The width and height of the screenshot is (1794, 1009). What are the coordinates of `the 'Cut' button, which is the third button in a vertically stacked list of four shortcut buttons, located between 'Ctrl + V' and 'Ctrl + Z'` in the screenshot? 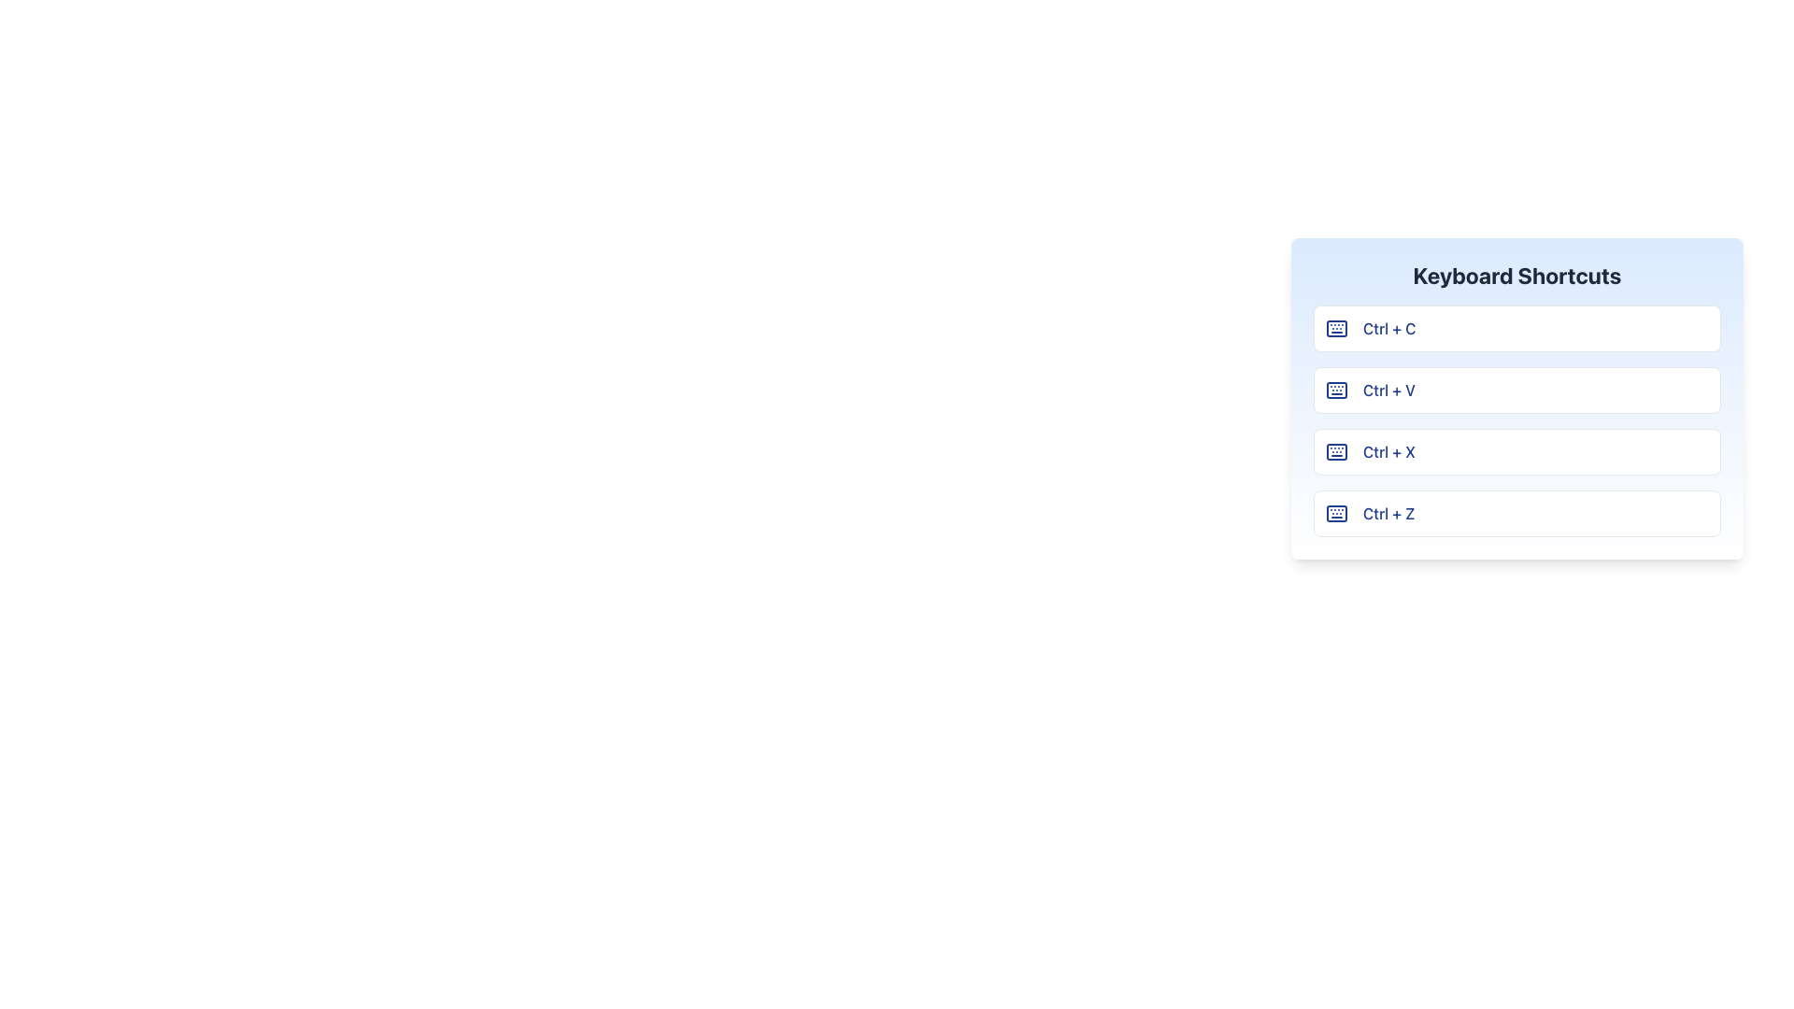 It's located at (1516, 451).